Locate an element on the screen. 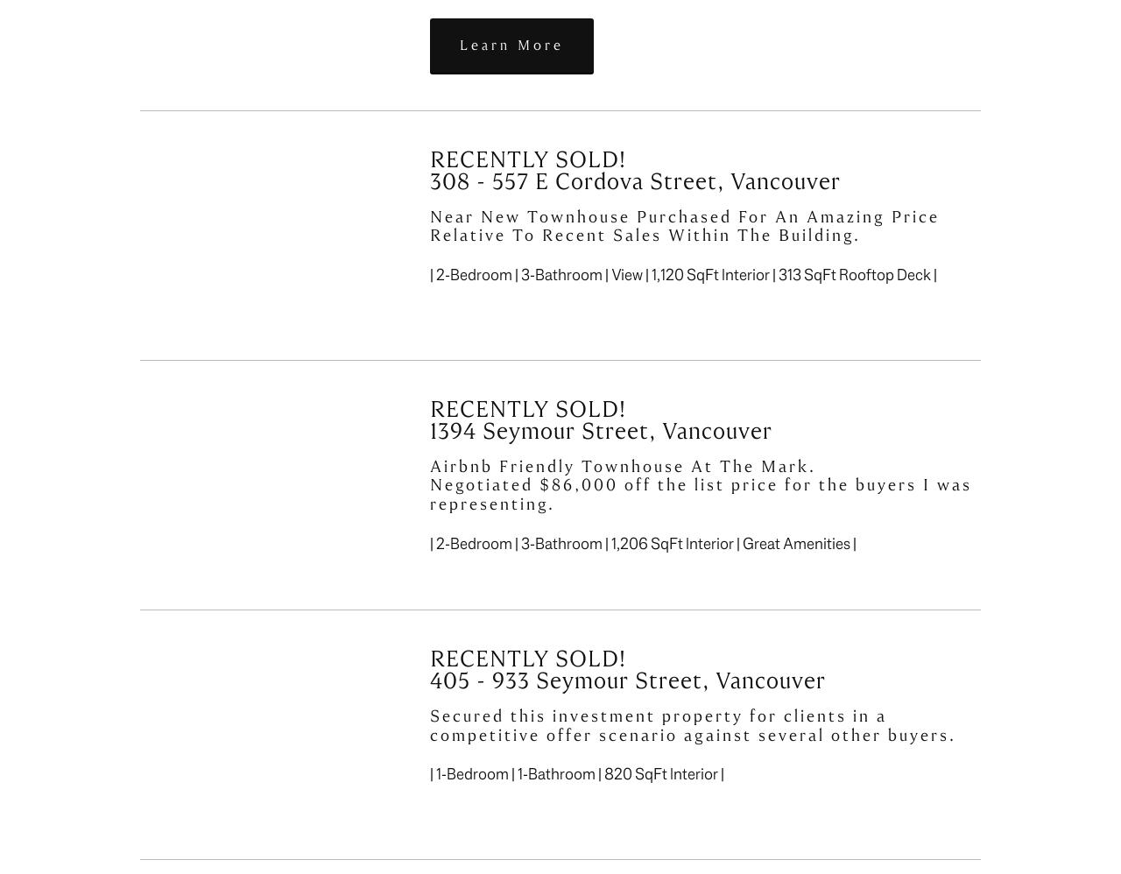  'Negotiated $86,000 off the list price for the buyers I was representing.' is located at coordinates (703, 493).